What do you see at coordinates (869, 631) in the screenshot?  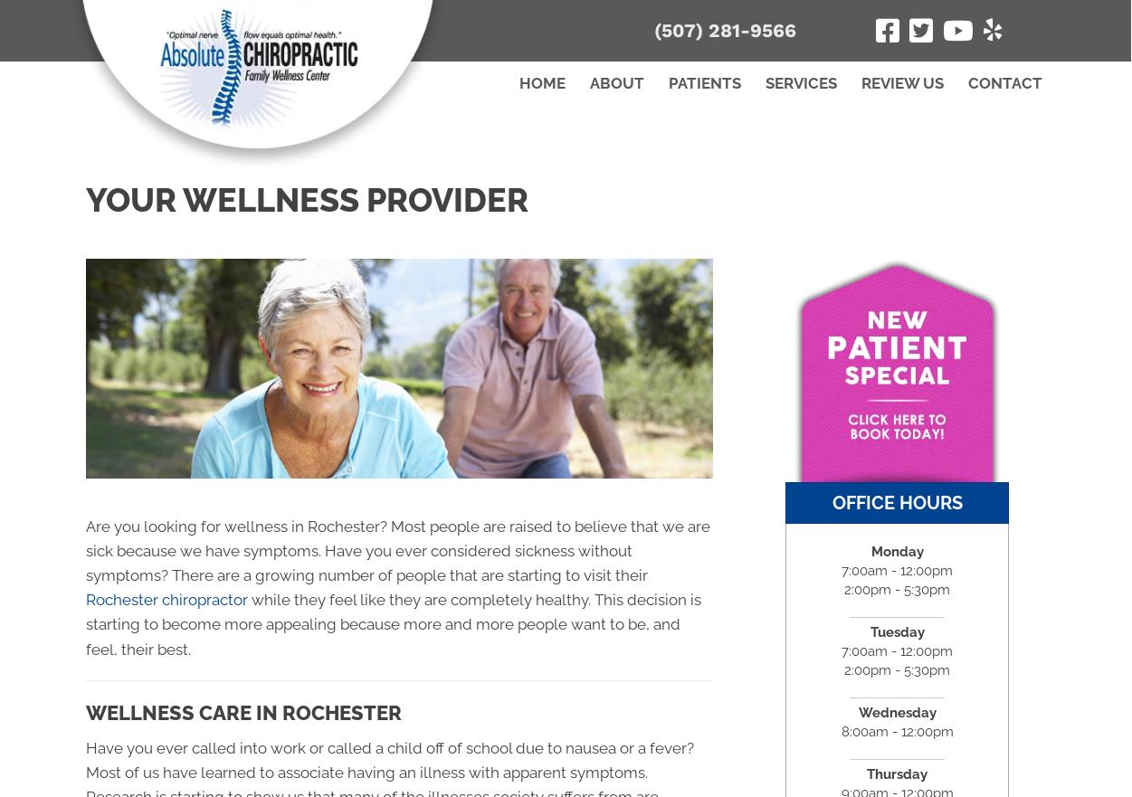 I see `'Tuesday'` at bounding box center [869, 631].